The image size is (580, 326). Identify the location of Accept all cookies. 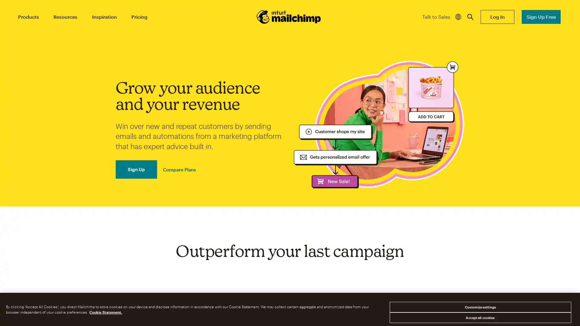
(480, 317).